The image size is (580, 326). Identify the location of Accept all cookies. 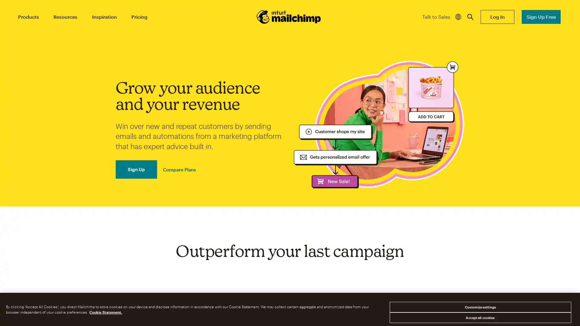
(480, 317).